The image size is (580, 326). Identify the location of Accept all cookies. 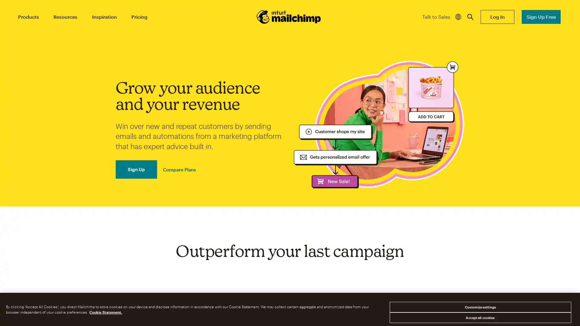
(480, 317).